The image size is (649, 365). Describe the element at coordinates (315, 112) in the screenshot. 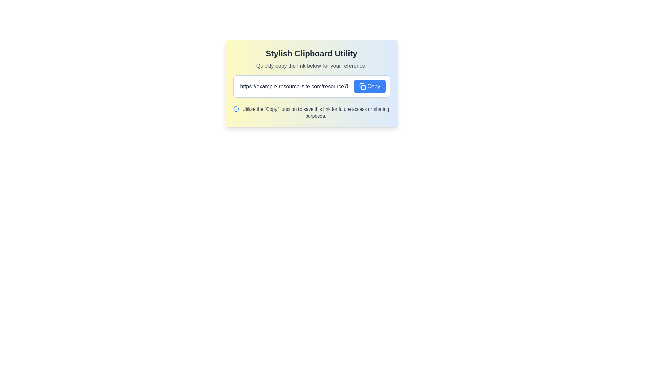

I see `the informational text explaining how to use the 'Copy' function, which is located beneath the URL input box and 'Copy' button in the 'Stylish Clipboard Utility' section` at that location.